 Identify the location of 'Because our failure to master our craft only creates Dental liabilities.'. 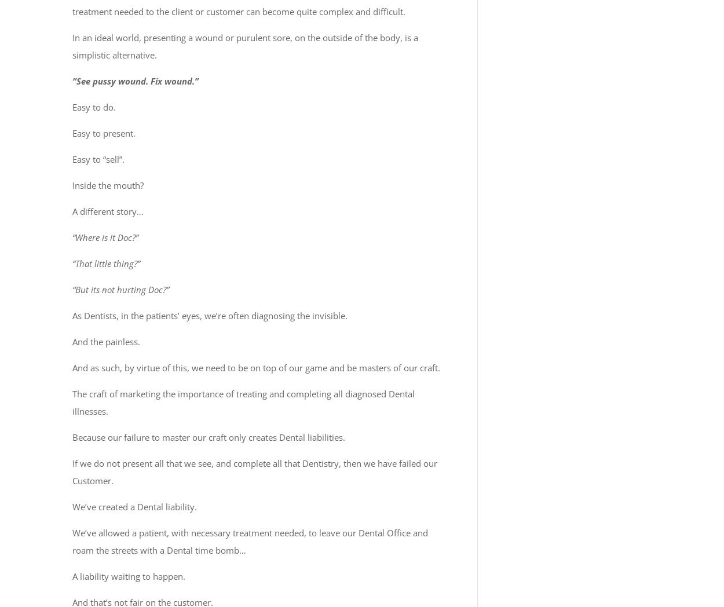
(208, 437).